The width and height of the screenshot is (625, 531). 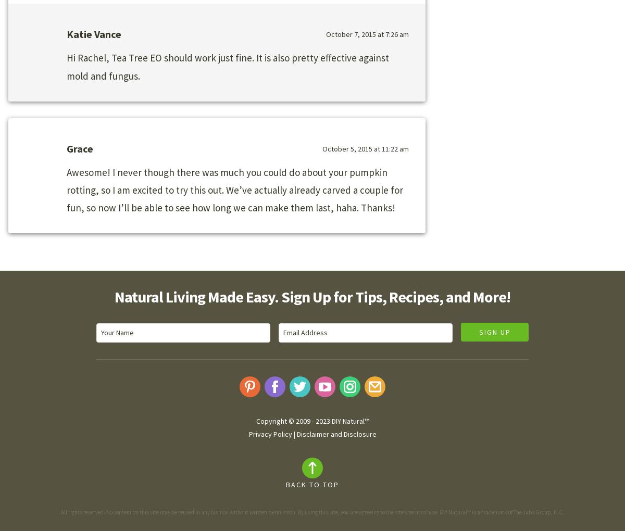 What do you see at coordinates (336, 434) in the screenshot?
I see `'Disclaimer and Disclosure'` at bounding box center [336, 434].